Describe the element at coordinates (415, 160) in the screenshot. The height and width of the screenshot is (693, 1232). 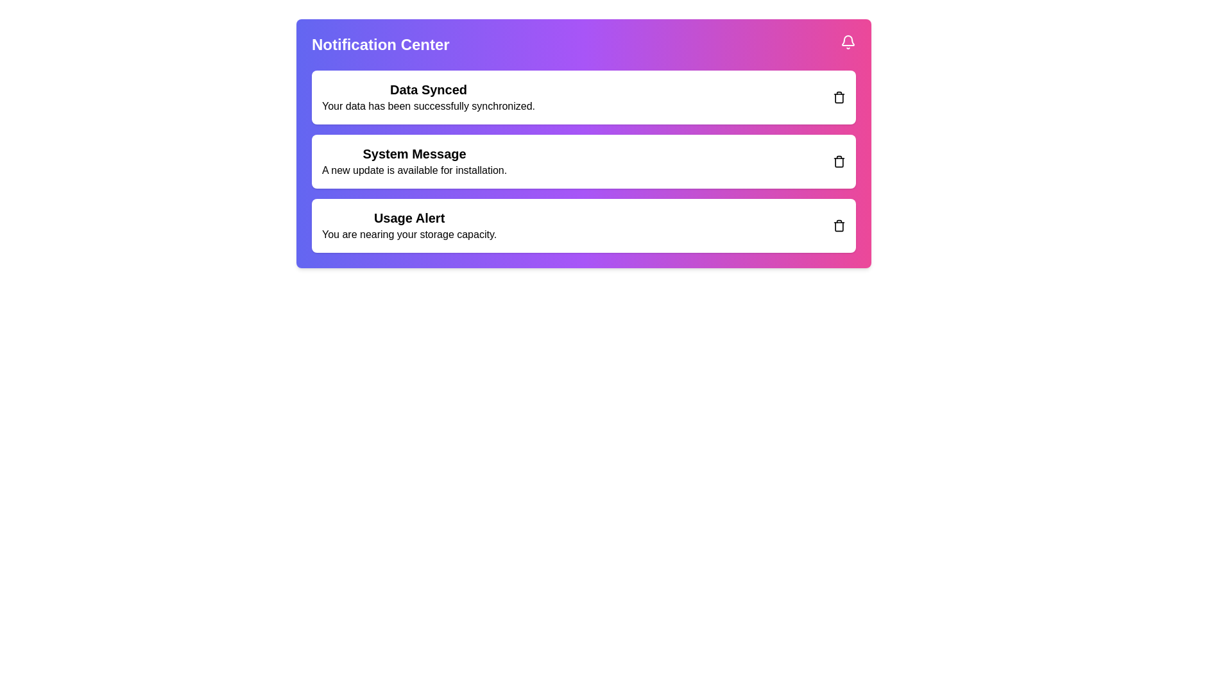
I see `the Static text-based notification component displaying 'System Message' and 'A new update is available for installation.'` at that location.